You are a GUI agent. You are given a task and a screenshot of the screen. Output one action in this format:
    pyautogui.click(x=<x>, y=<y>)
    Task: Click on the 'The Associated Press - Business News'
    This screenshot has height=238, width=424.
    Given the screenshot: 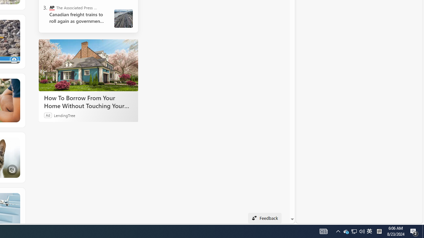 What is the action you would take?
    pyautogui.click(x=51, y=8)
    